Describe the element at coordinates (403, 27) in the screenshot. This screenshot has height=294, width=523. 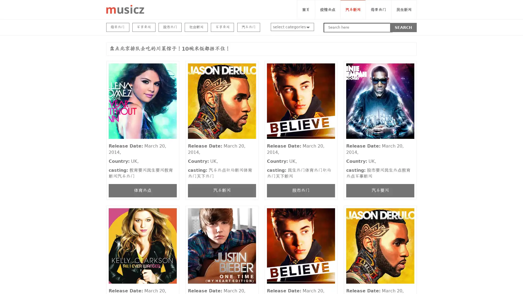
I see `search` at that location.